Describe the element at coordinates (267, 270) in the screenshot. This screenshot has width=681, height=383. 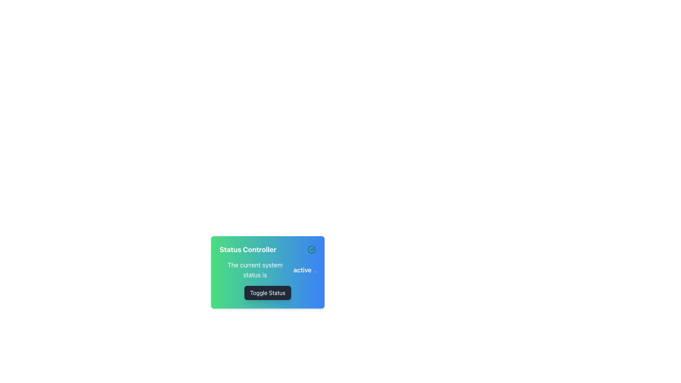
I see `the static informational text that displays the system's current status, located below the 'Status Controller' header and above the 'Toggle Status' button` at that location.